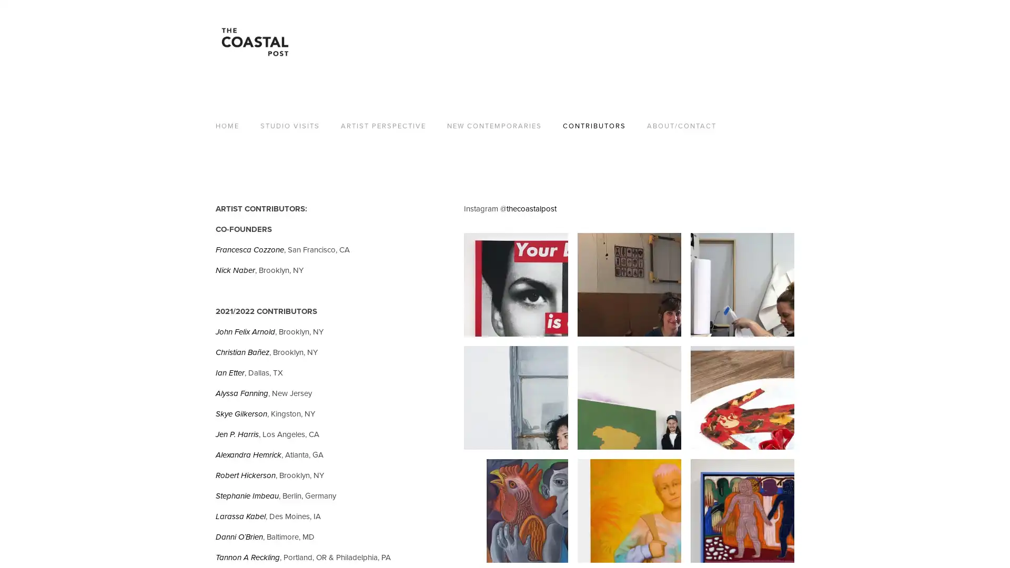 The width and height of the screenshot is (1010, 568). Describe the element at coordinates (629, 285) in the screenshot. I see `View fullsize Contributor Jen P. Harris caught up with artist Jenny Yurshansky, fresh off her recent solo show at American Jewish University: &ldquo;A Legacy of Loss: There Were No Roses There,&rdquo; a meditation on diaspora, intergenerational trauma, and the nat` at that location.